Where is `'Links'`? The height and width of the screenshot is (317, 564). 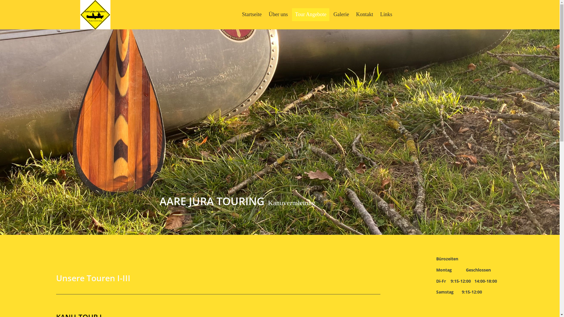 'Links' is located at coordinates (386, 14).